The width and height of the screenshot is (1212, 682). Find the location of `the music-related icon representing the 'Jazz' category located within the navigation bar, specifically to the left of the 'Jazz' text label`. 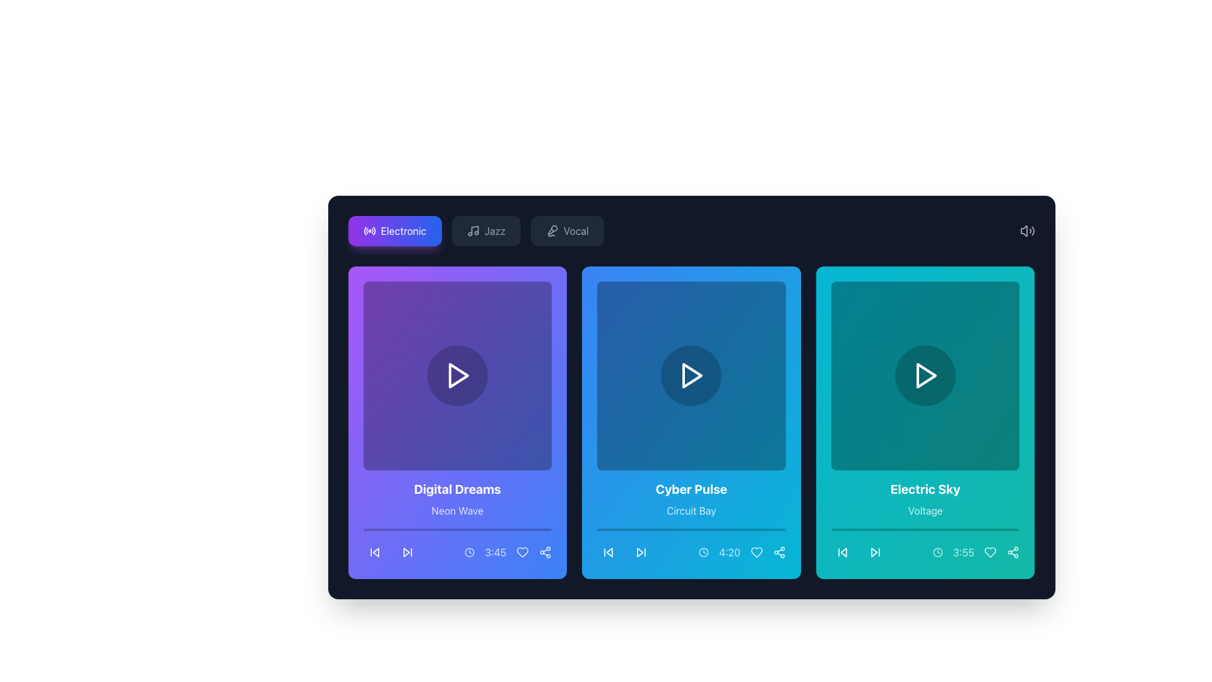

the music-related icon representing the 'Jazz' category located within the navigation bar, specifically to the left of the 'Jazz' text label is located at coordinates (472, 231).